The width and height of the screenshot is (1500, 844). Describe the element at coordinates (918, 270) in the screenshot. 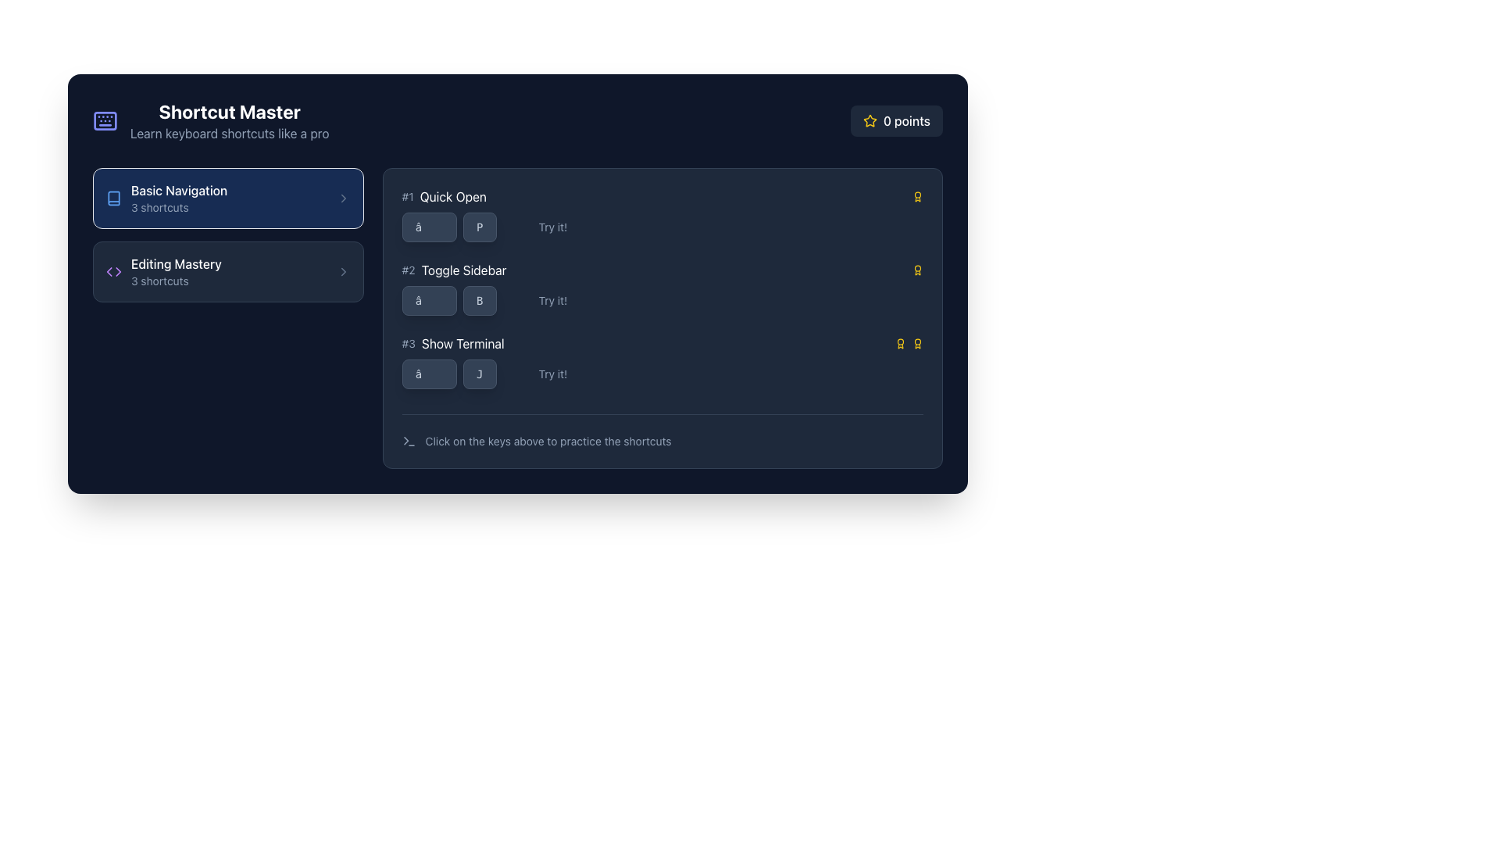

I see `the small yellow medal icon located adjacent to the 'Toggle Sidebar' text` at that location.